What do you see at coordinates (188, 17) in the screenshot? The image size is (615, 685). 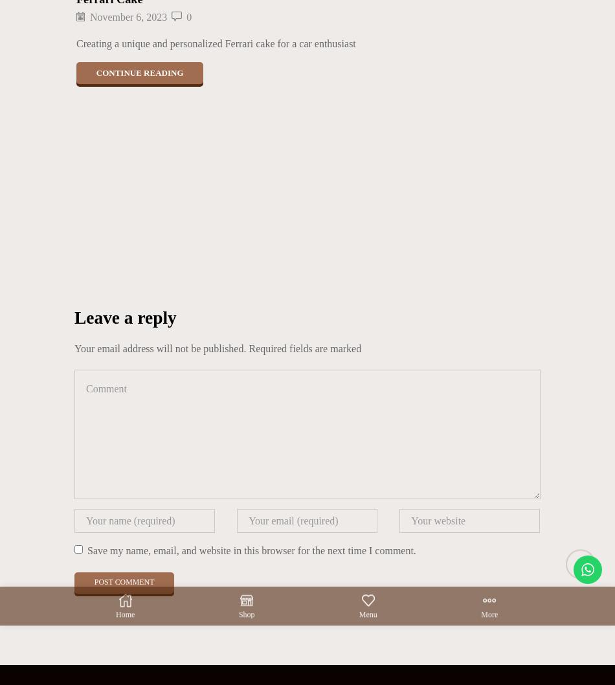 I see `'0'` at bounding box center [188, 17].